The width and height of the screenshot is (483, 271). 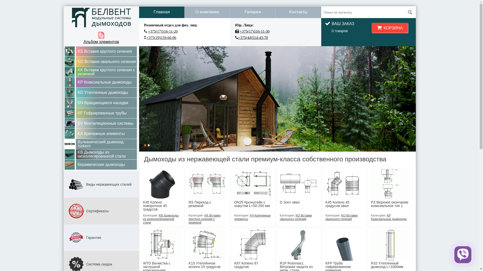 What do you see at coordinates (148, 145) in the screenshot?
I see `'2'` at bounding box center [148, 145].